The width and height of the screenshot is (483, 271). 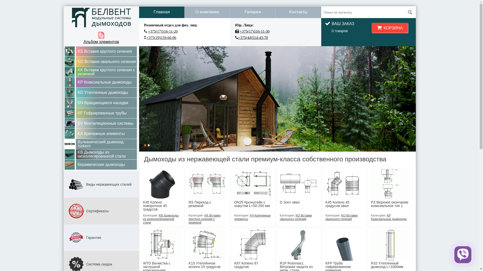 What do you see at coordinates (148, 145) in the screenshot?
I see `'2'` at bounding box center [148, 145].